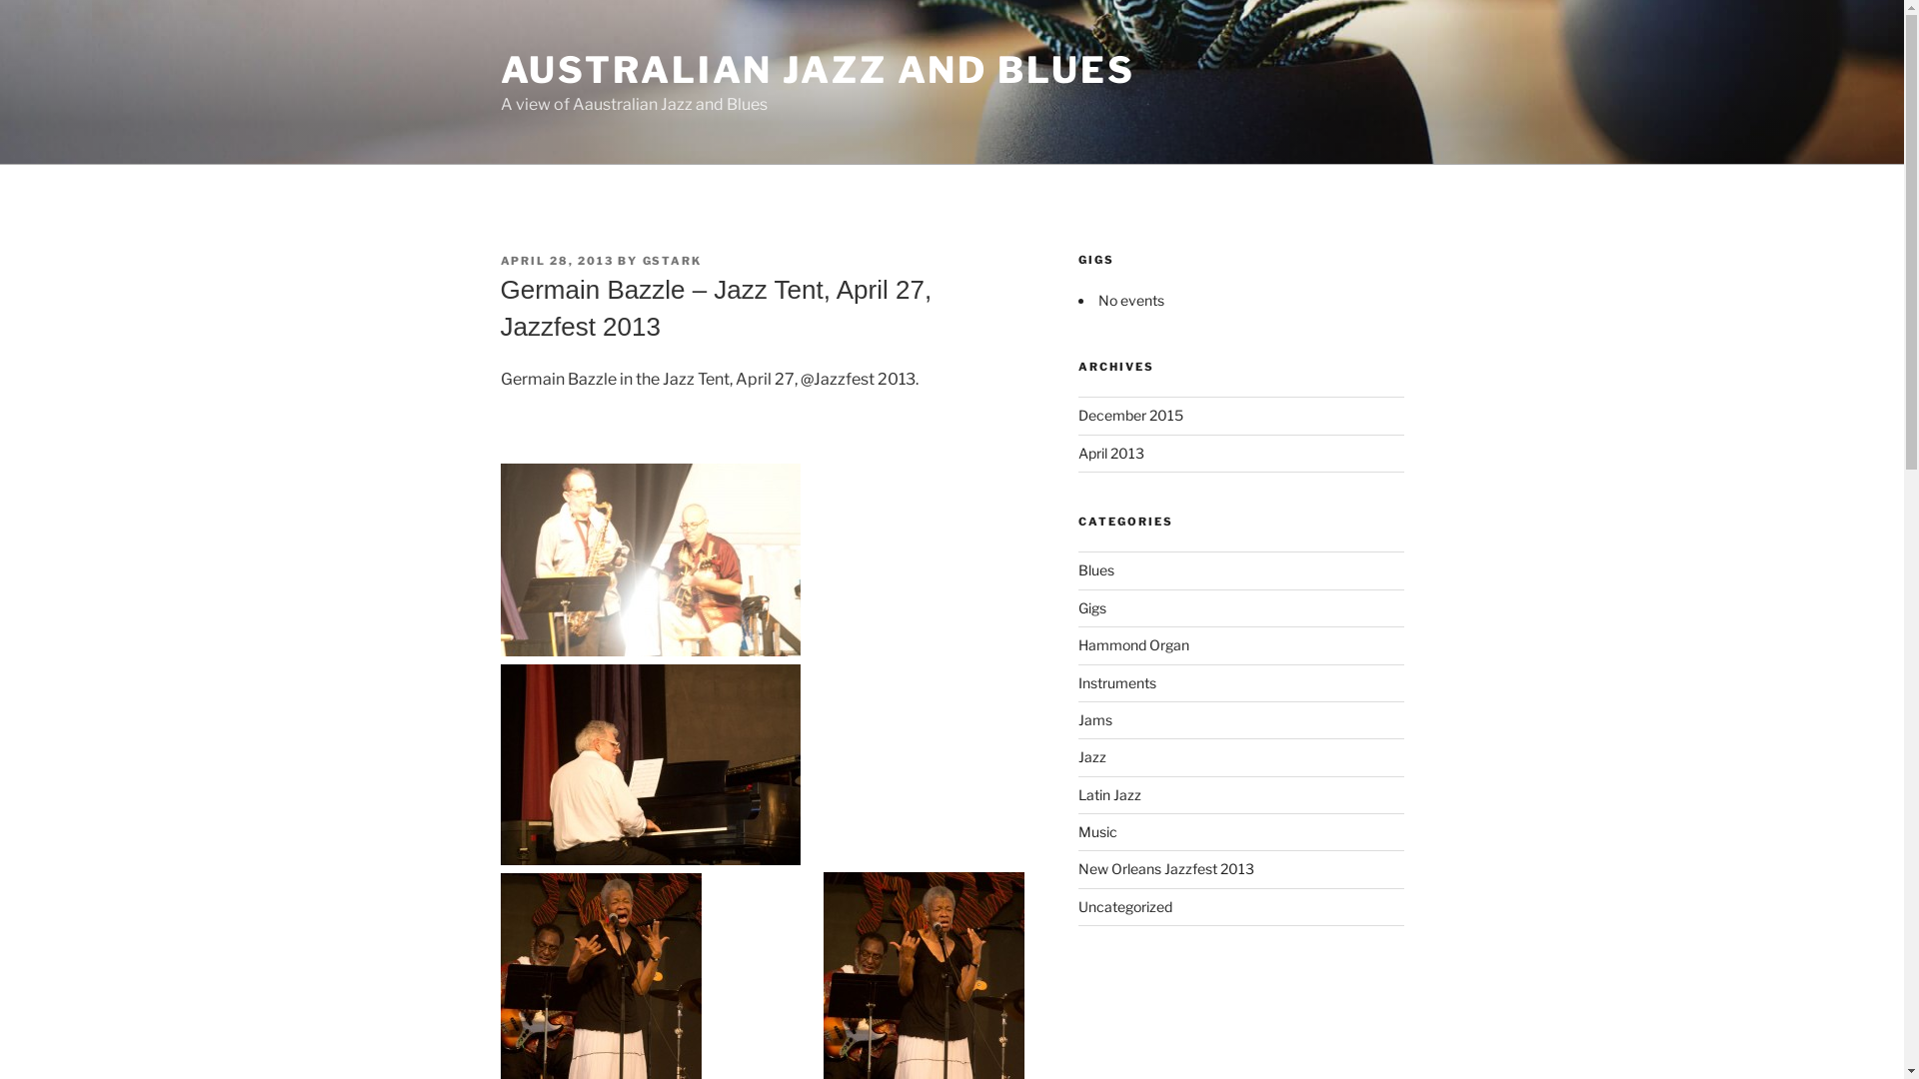 The image size is (1919, 1079). I want to click on 'Music', so click(1096, 831).